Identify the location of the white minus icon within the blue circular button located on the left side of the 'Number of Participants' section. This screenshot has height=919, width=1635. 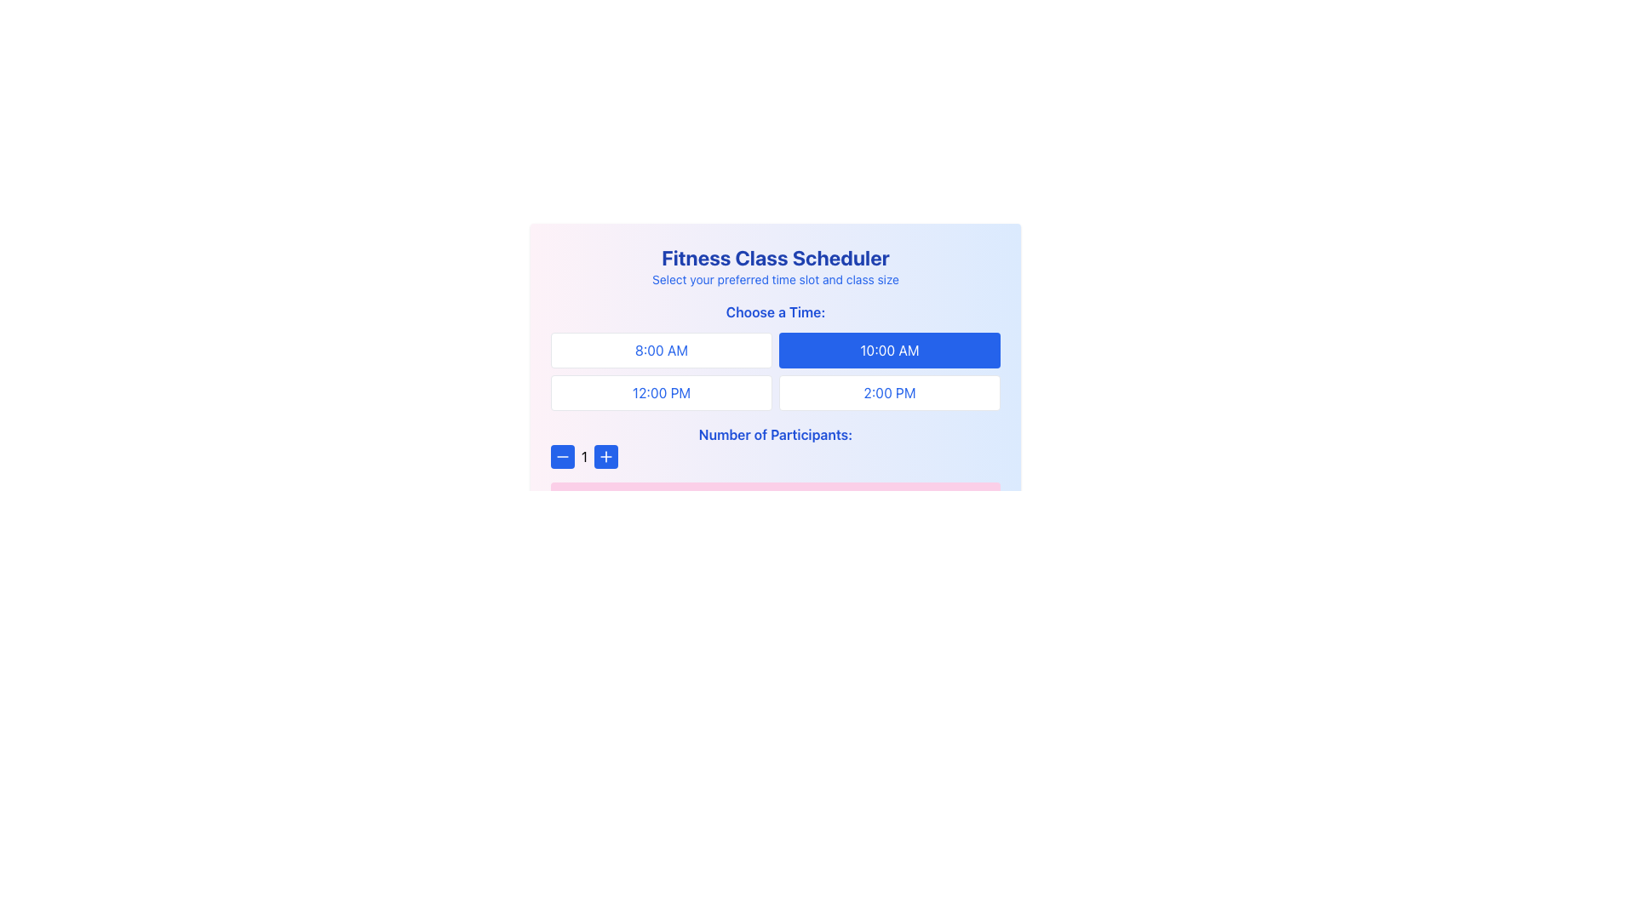
(563, 455).